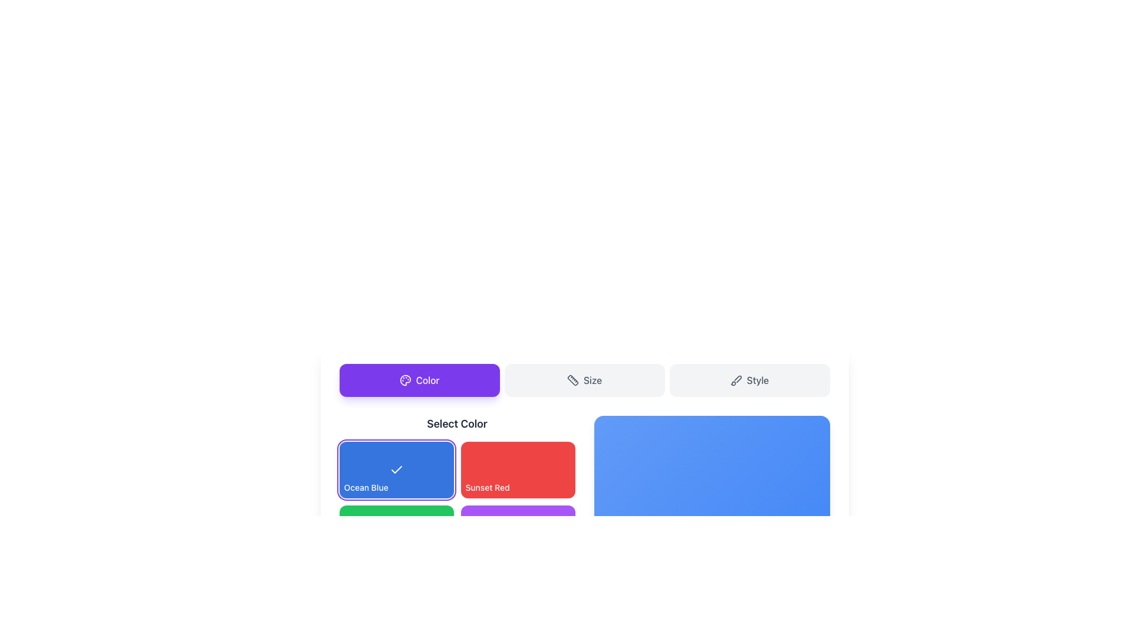 This screenshot has width=1132, height=637. I want to click on the tile in the color selection grid to choose a color option. The grid is located below the 'Select Color' heading, with tiles arranged for 'Ocean Blue', 'Sunset Red', 'Forest Green', and 'Royal Purple', so click(456, 502).